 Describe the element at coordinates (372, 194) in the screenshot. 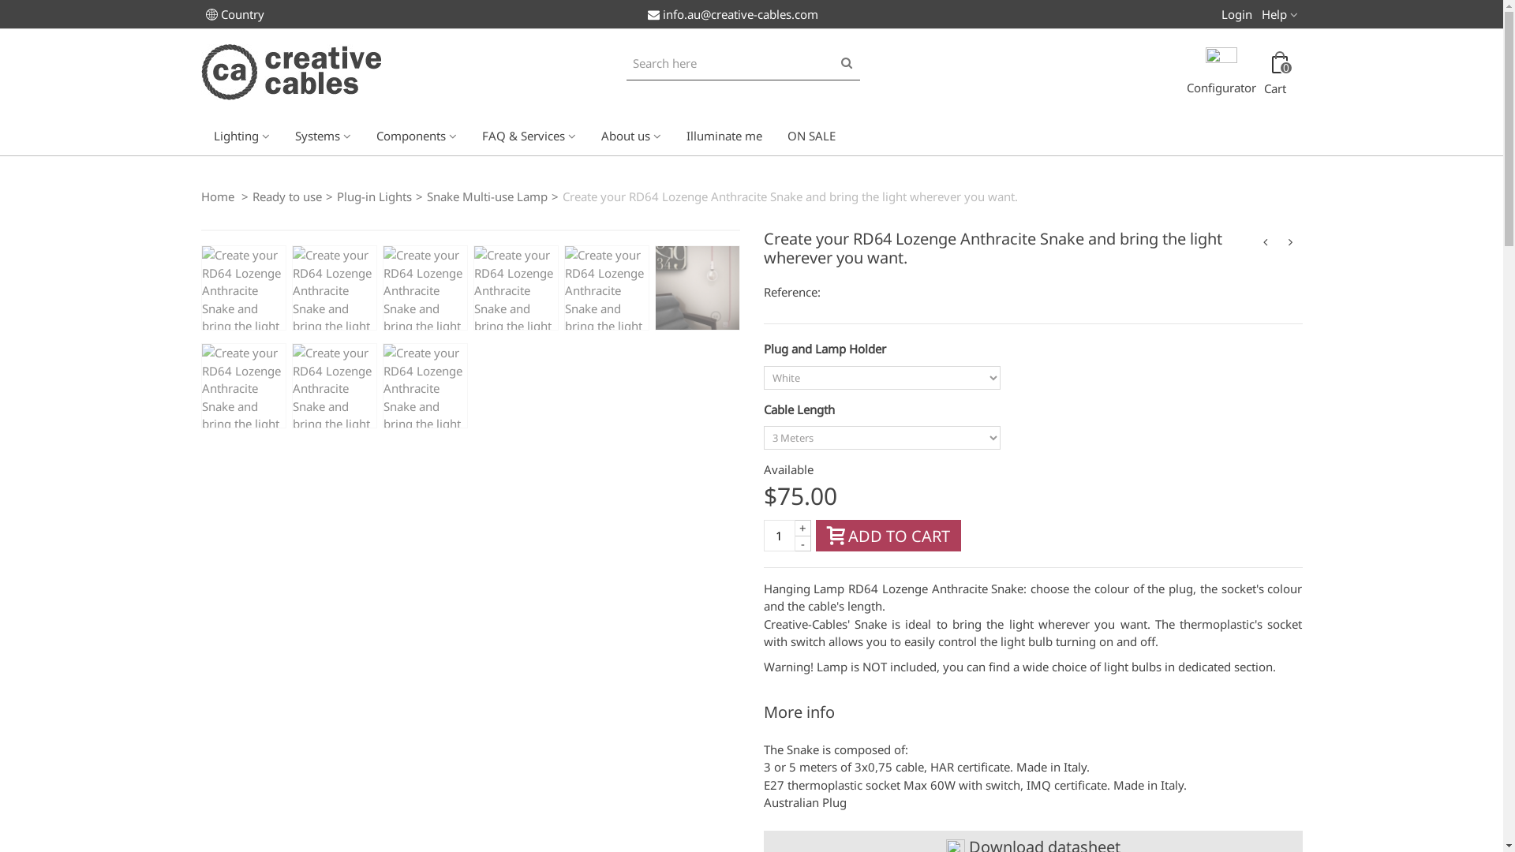

I see `'Plug-in Lights'` at that location.